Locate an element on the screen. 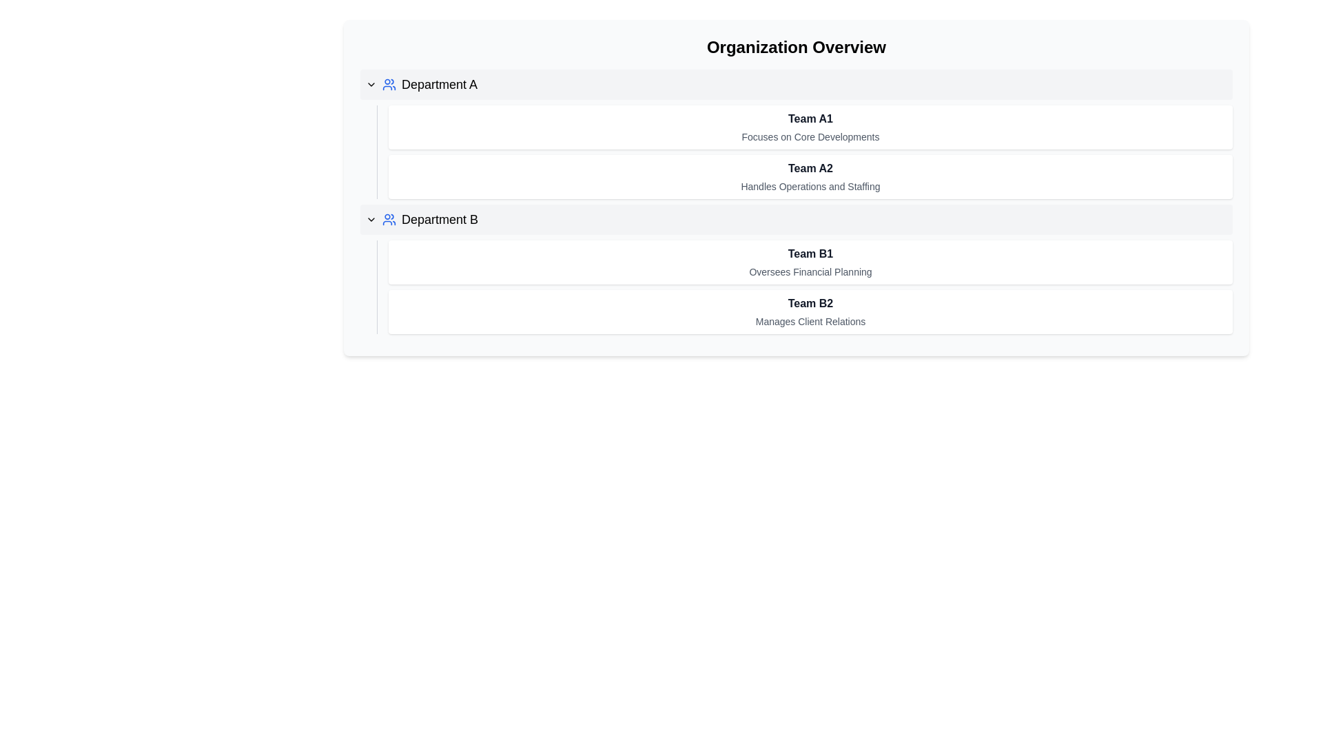 This screenshot has height=744, width=1323. text label that serves as a heading for outlining team information, positioned above 'Handles Operations and Staffing' in 'Department A' is located at coordinates (810, 168).